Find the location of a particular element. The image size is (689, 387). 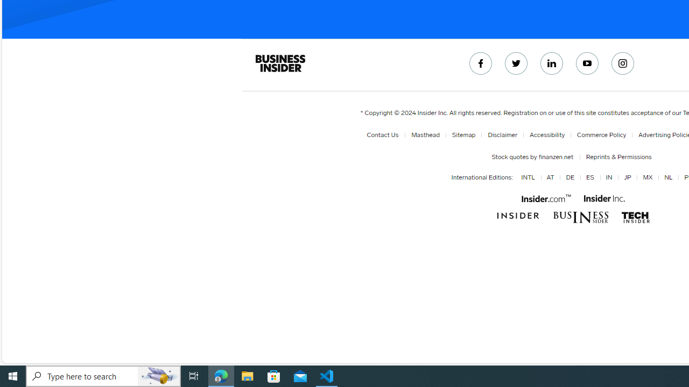

'Tech Insider Logo' is located at coordinates (635, 217).